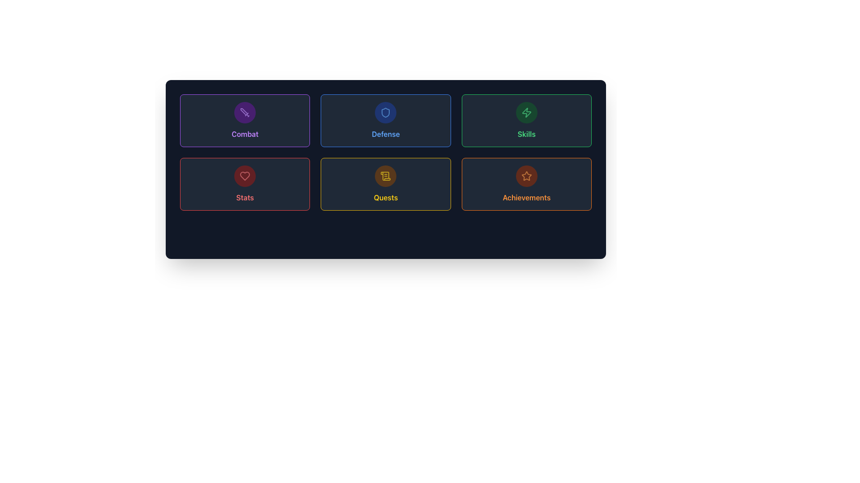 This screenshot has width=860, height=483. What do you see at coordinates (245, 112) in the screenshot?
I see `the purple sword icon, which is centered within a circular purple background in the 'Combat' section of the grid layout` at bounding box center [245, 112].